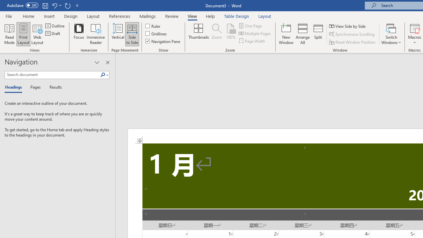  Describe the element at coordinates (77, 5) in the screenshot. I see `'Customize Quick Access Toolbar'` at that location.